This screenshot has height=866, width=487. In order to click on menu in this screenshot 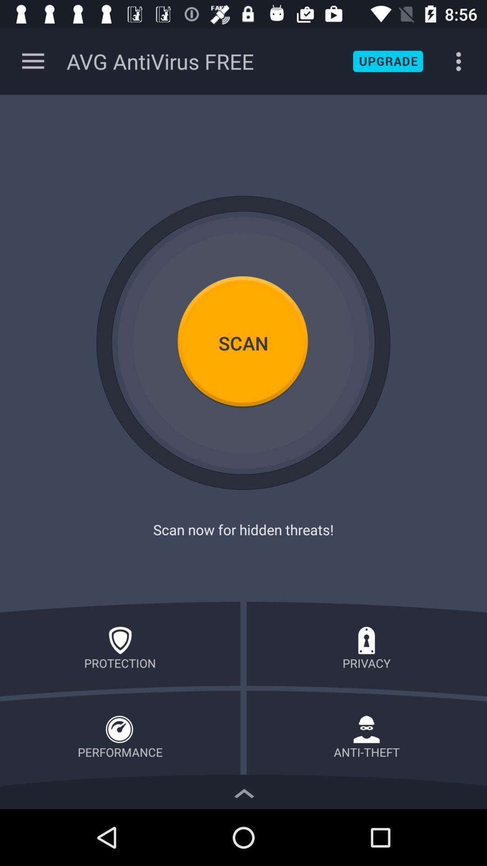, I will do `click(32, 61)`.